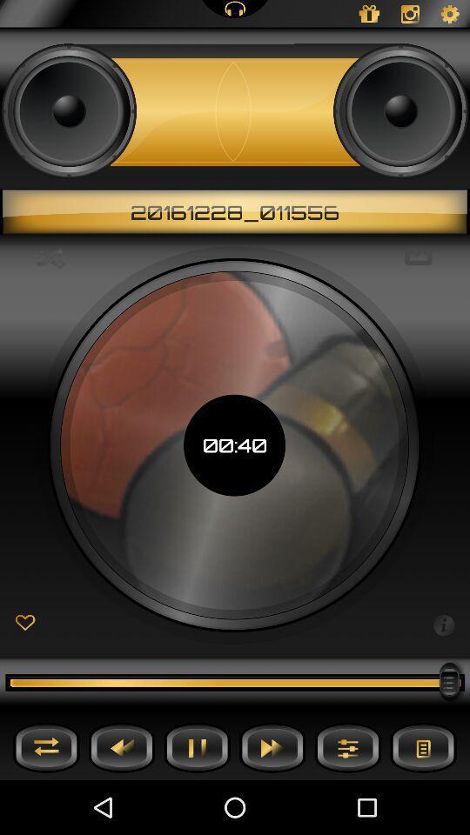 This screenshot has width=470, height=835. I want to click on switch, so click(46, 746).